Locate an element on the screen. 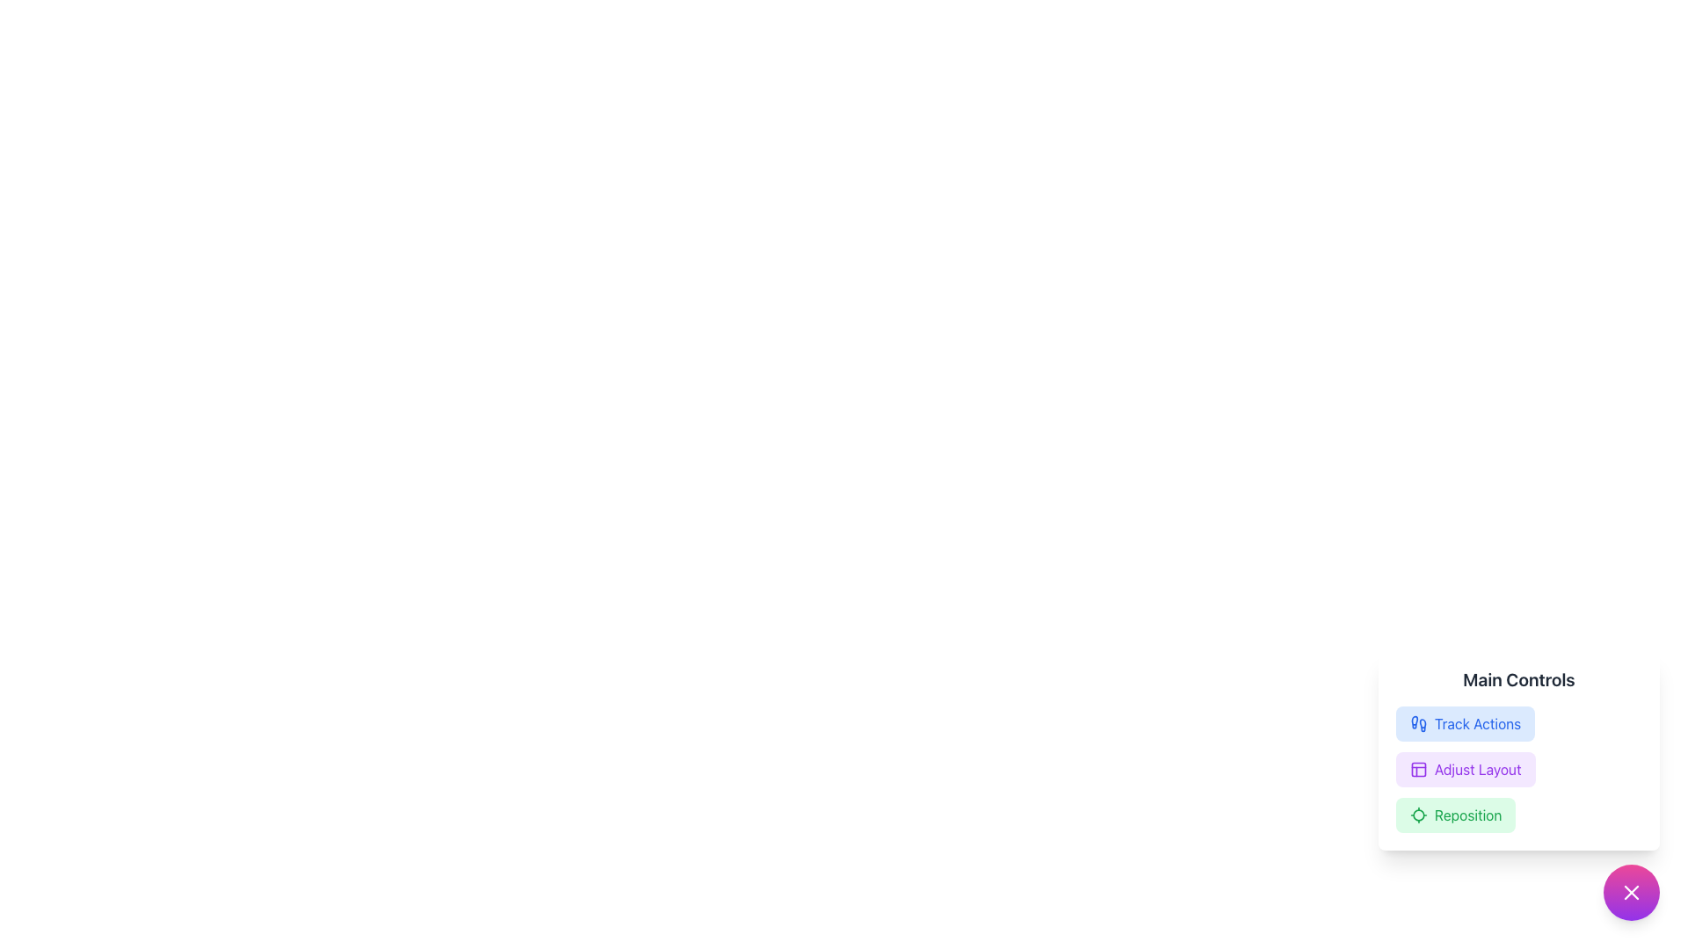  the close button located at the bottom-right of the 'Main Controls' panel is located at coordinates (1631, 892).